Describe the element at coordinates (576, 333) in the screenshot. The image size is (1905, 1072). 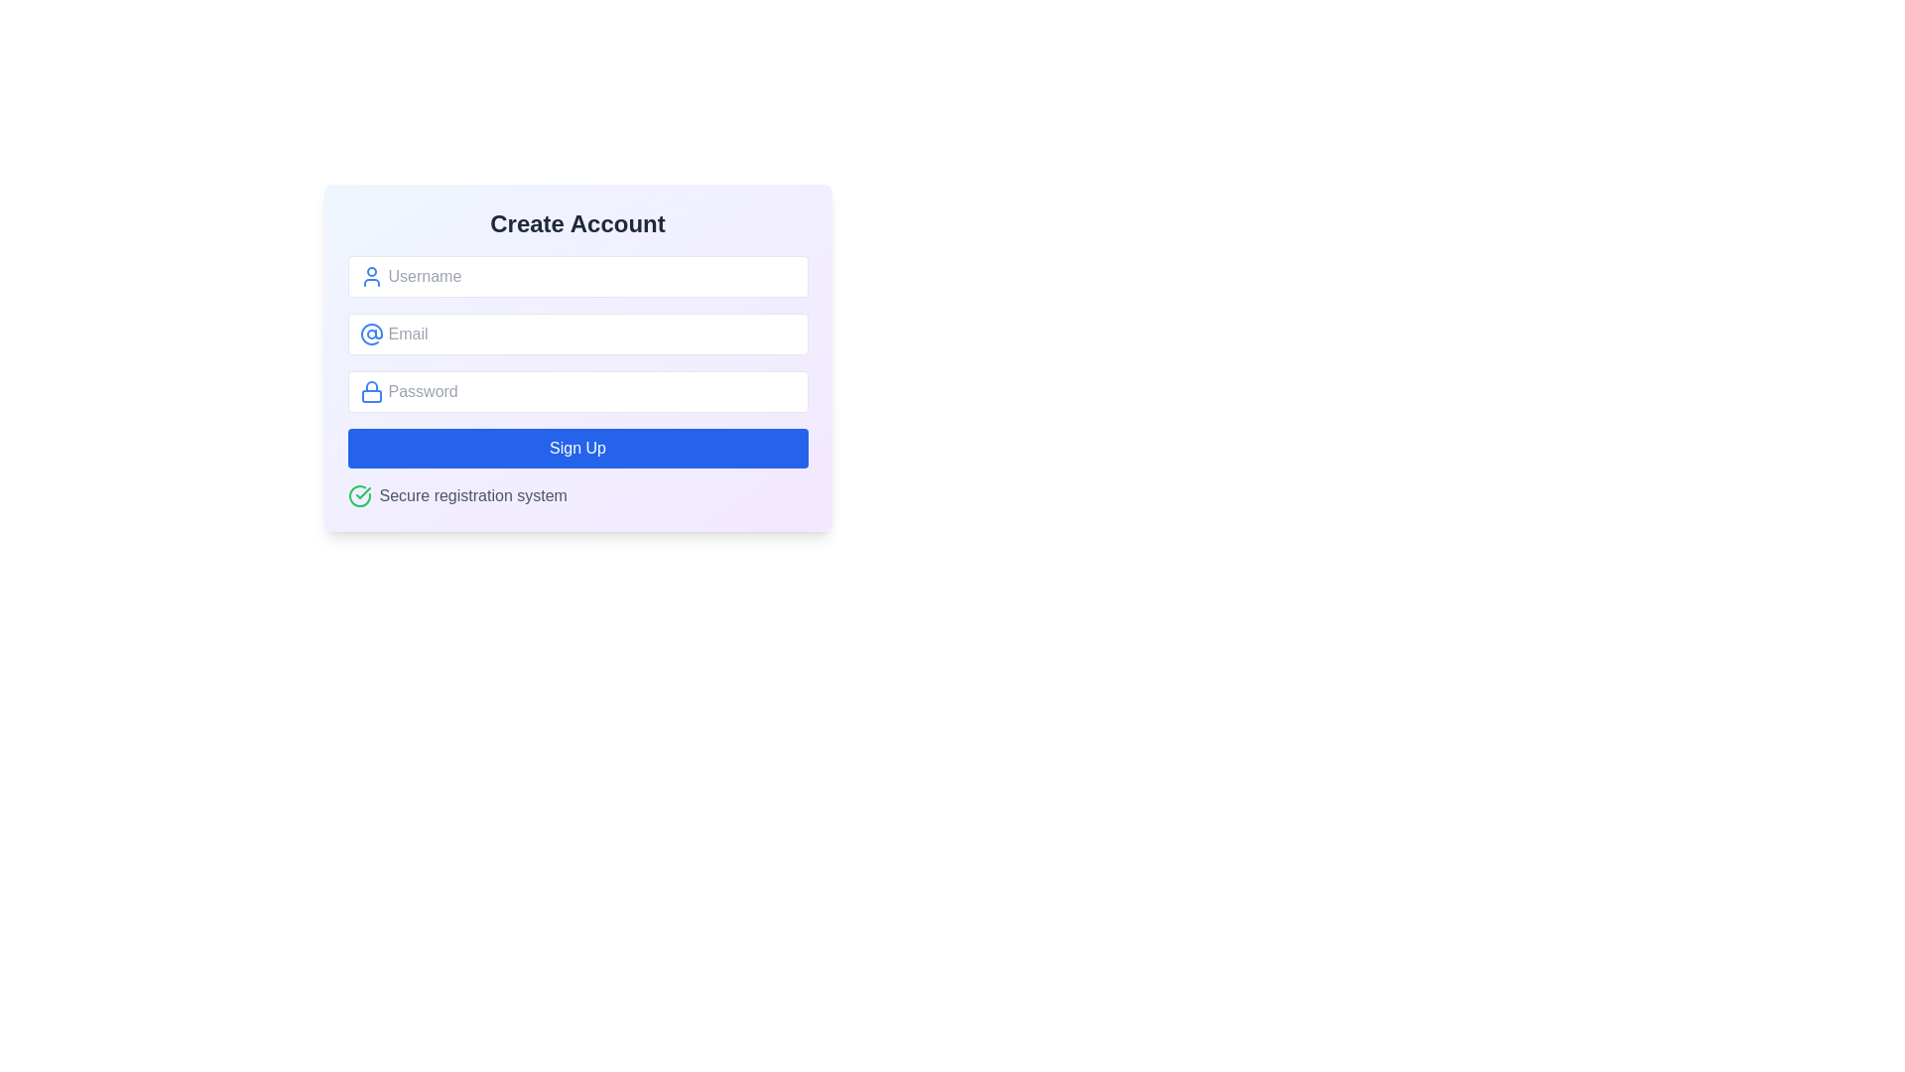
I see `the email input field located below the 'Username' input` at that location.